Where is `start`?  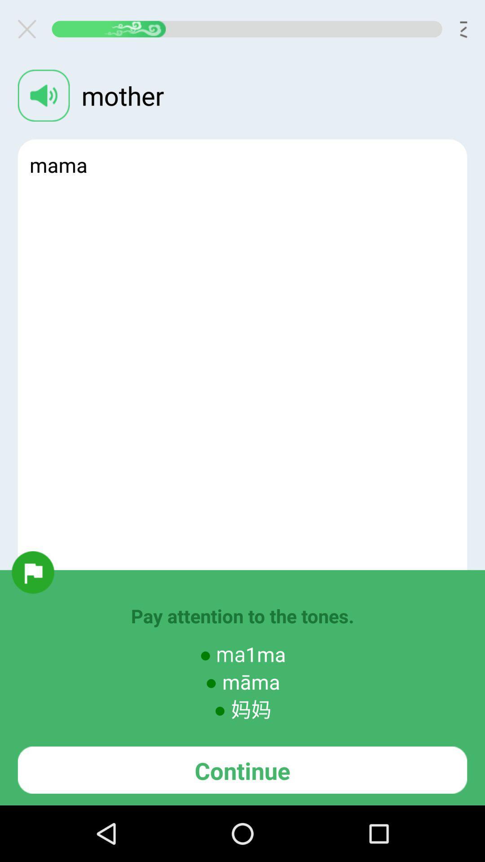
start is located at coordinates (32, 572).